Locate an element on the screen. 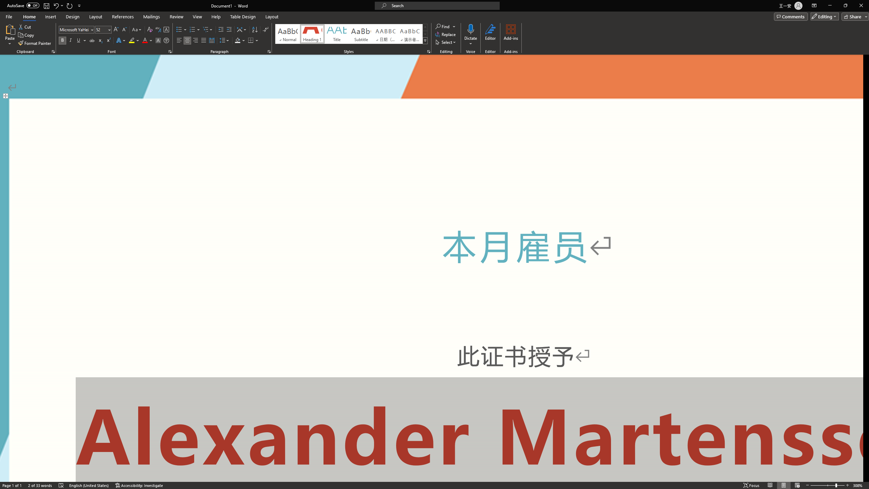 The height and width of the screenshot is (489, 869). 'Page 1 content' is located at coordinates (431, 279).